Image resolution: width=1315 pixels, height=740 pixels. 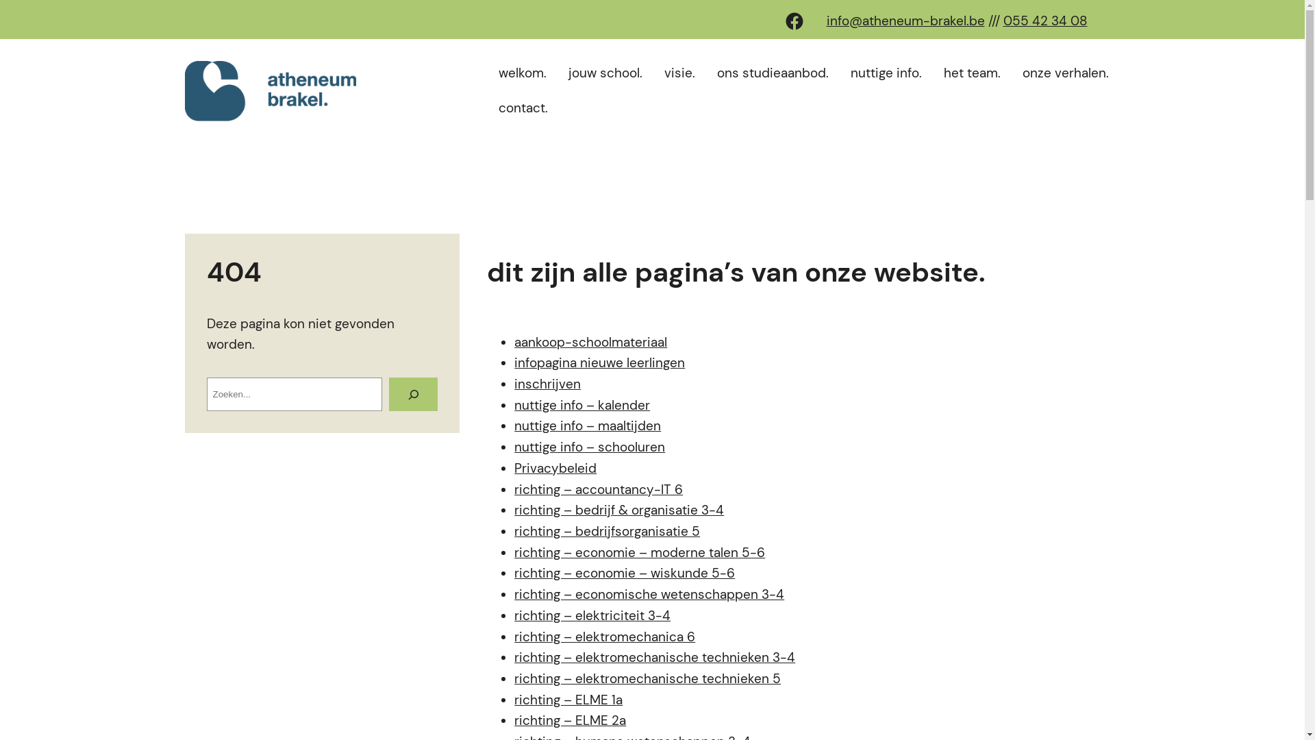 I want to click on 'jouw school.', so click(x=604, y=73).